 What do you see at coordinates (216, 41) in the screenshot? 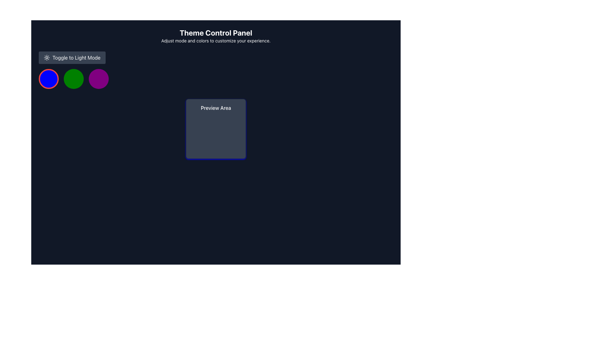
I see `static text content that states 'Adjust mode and colors to customize your experience.' located directly beneath the 'Theme Control Panel' header in the upper section of the interface` at bounding box center [216, 41].